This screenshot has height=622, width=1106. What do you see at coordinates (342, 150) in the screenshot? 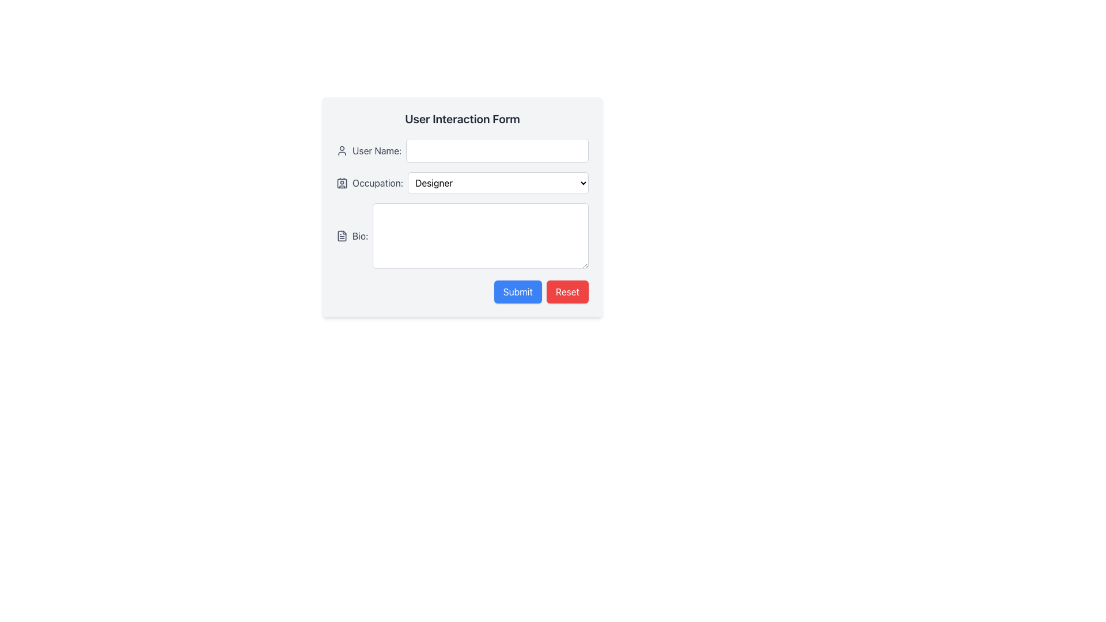
I see `the user profile icon, which is a gray circular head above a curved body outline, located to the left of the 'User Name:' label in the form layout` at bounding box center [342, 150].